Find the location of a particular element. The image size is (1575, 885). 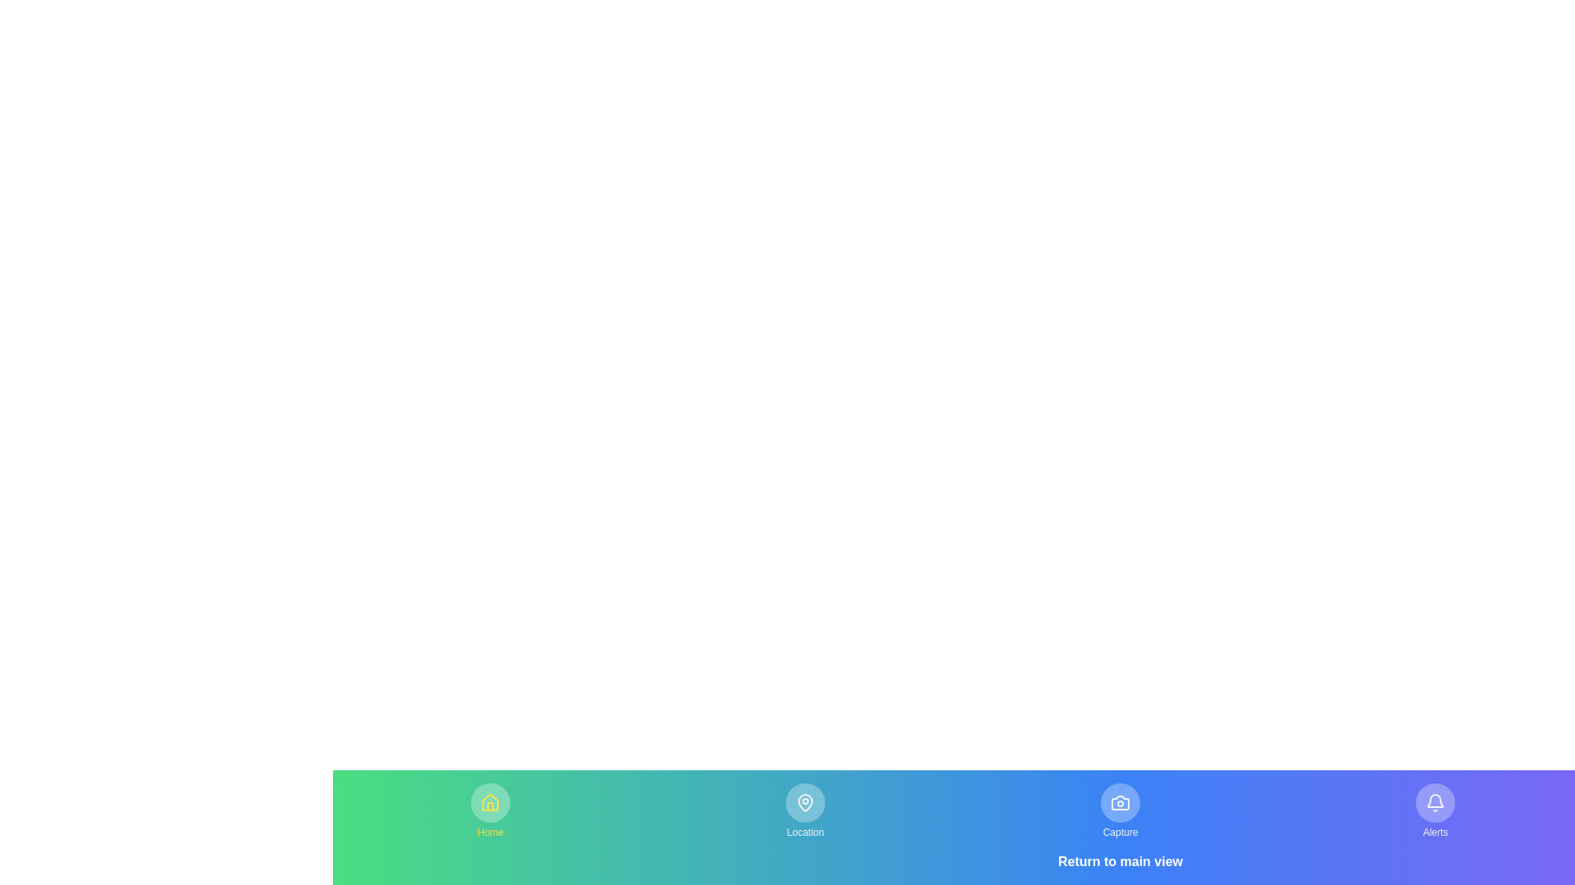

the menu item corresponding to Home is located at coordinates (490, 811).